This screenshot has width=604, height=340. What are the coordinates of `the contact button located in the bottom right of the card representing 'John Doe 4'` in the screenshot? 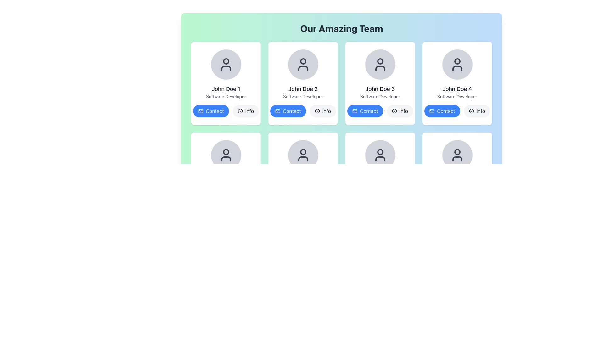 It's located at (442, 111).